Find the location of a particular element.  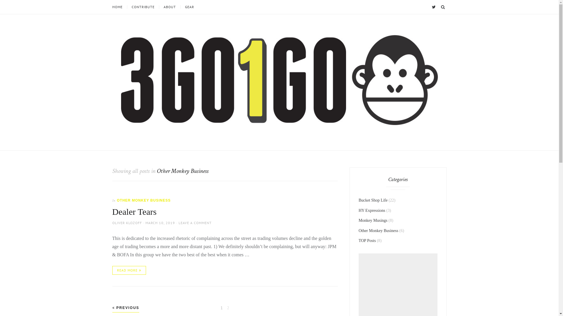

'GEAR' is located at coordinates (189, 7).